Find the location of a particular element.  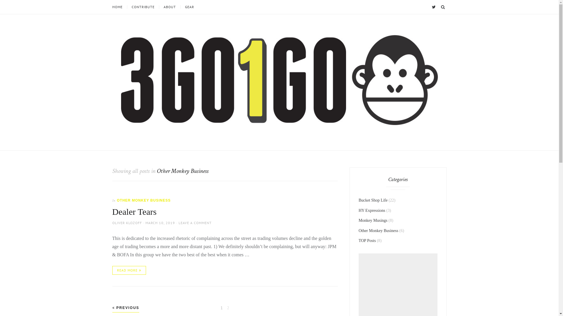

'GEAR' is located at coordinates (189, 7).